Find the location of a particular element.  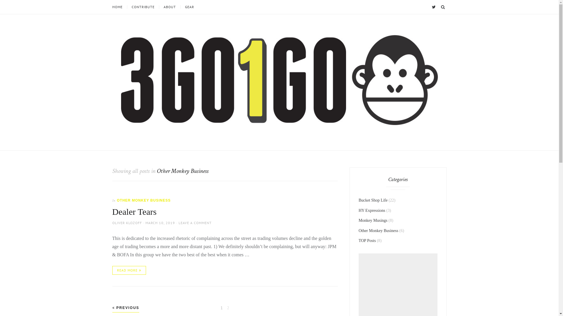

'GEAR' is located at coordinates (189, 7).